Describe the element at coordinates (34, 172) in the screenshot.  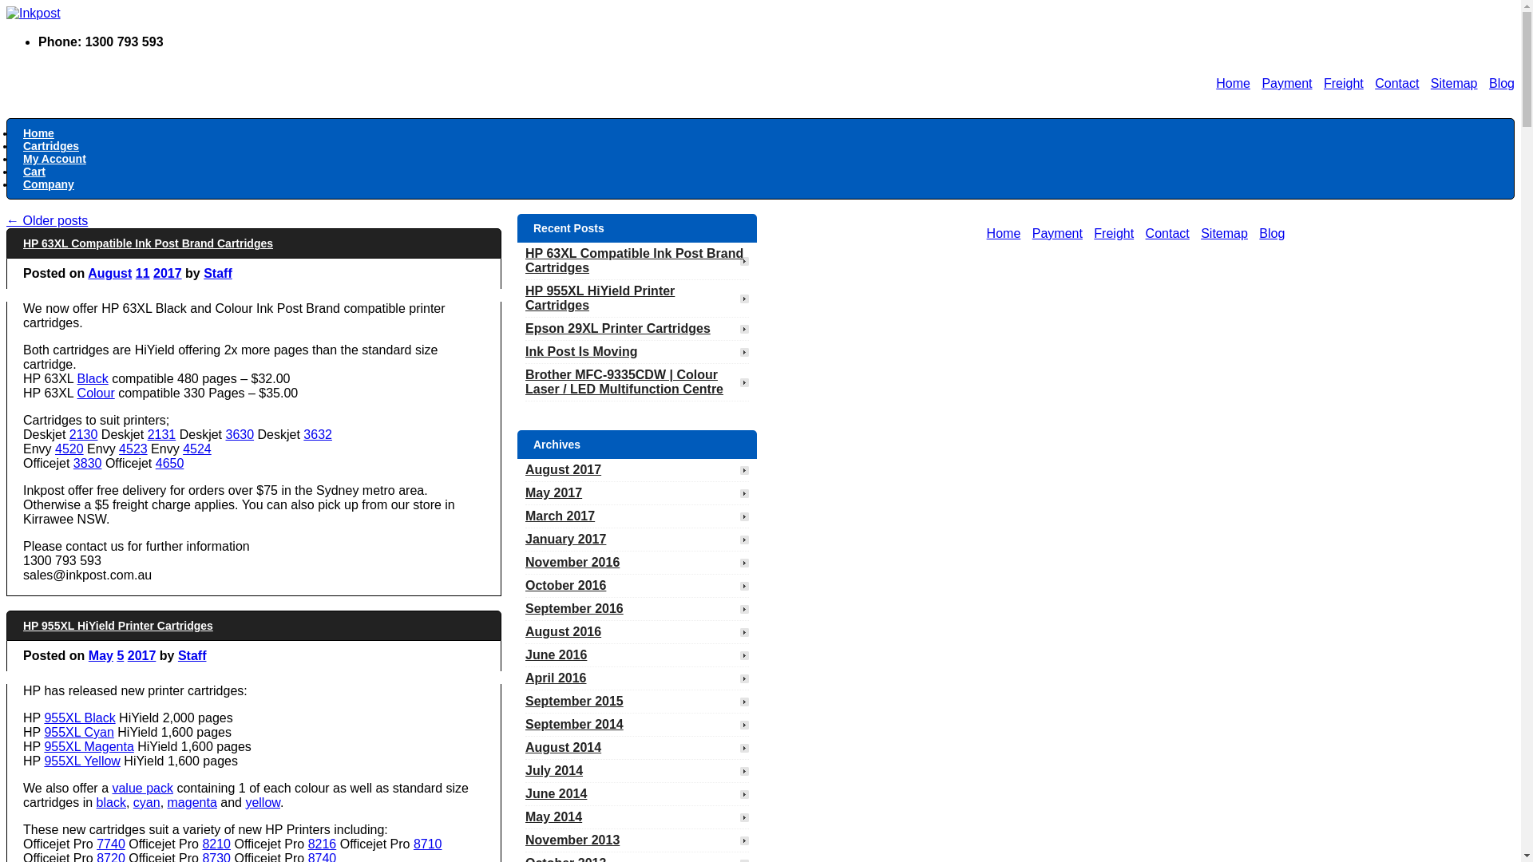
I see `'Cart'` at that location.